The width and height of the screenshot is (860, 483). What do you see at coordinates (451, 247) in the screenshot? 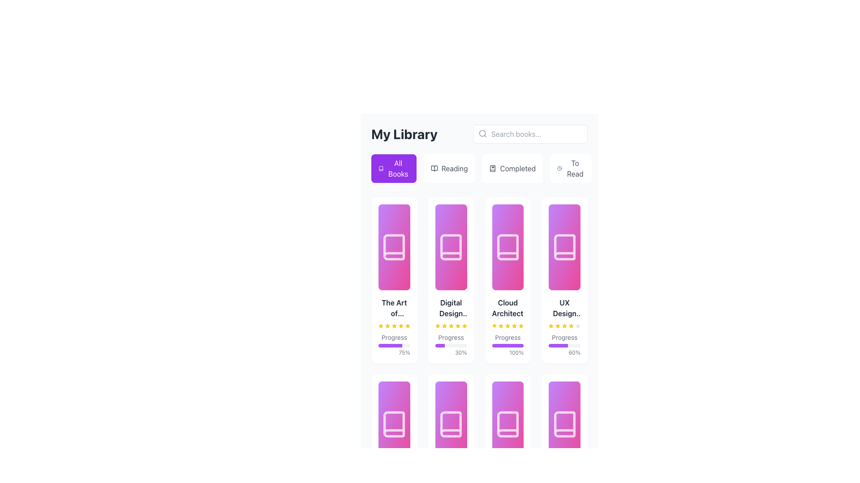
I see `the graphical icon representing a resource item, which is a rectangular component with rounded corners, transitioning from purple to pink, featuring a white book icon, located centrally in the 'Digital Design Principles' card` at bounding box center [451, 247].